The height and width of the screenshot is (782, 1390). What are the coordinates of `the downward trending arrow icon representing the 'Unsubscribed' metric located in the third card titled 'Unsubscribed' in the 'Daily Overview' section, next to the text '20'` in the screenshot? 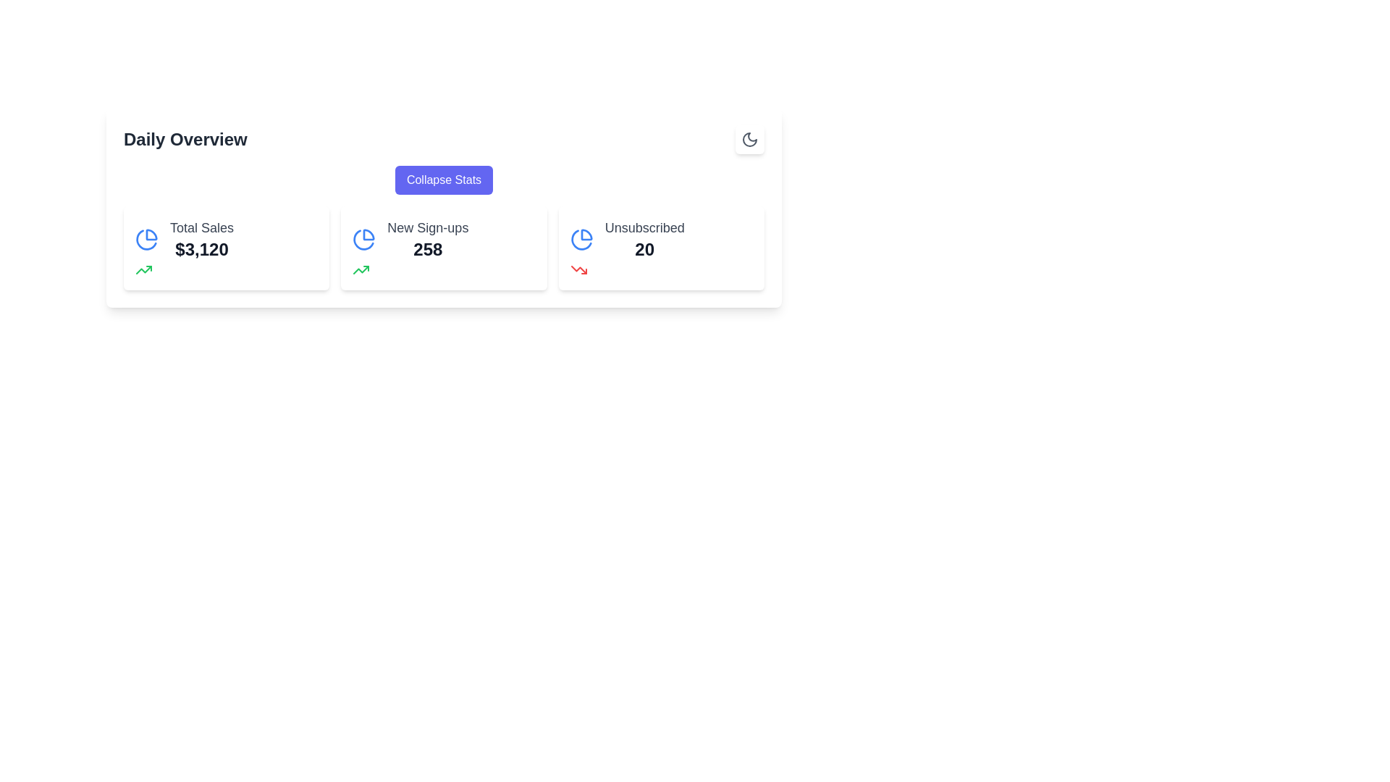 It's located at (578, 270).